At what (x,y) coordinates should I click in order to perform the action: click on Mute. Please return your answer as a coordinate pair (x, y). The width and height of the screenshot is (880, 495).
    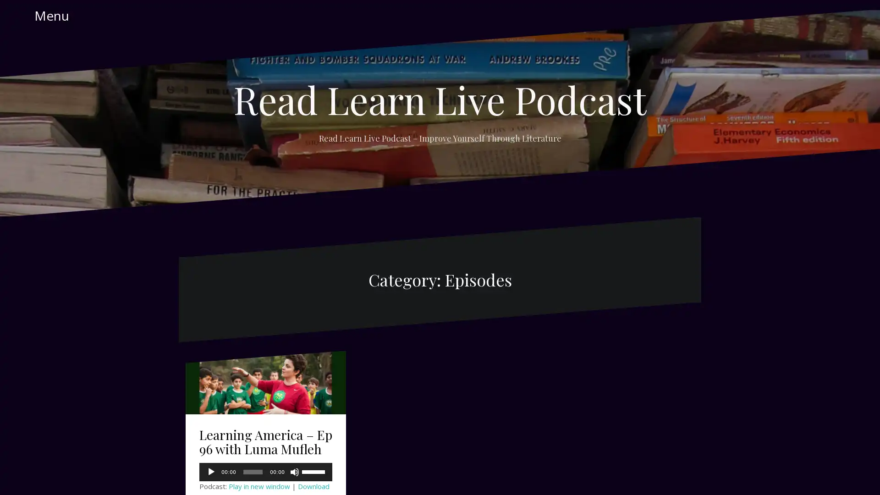
    Looking at the image, I should click on (295, 472).